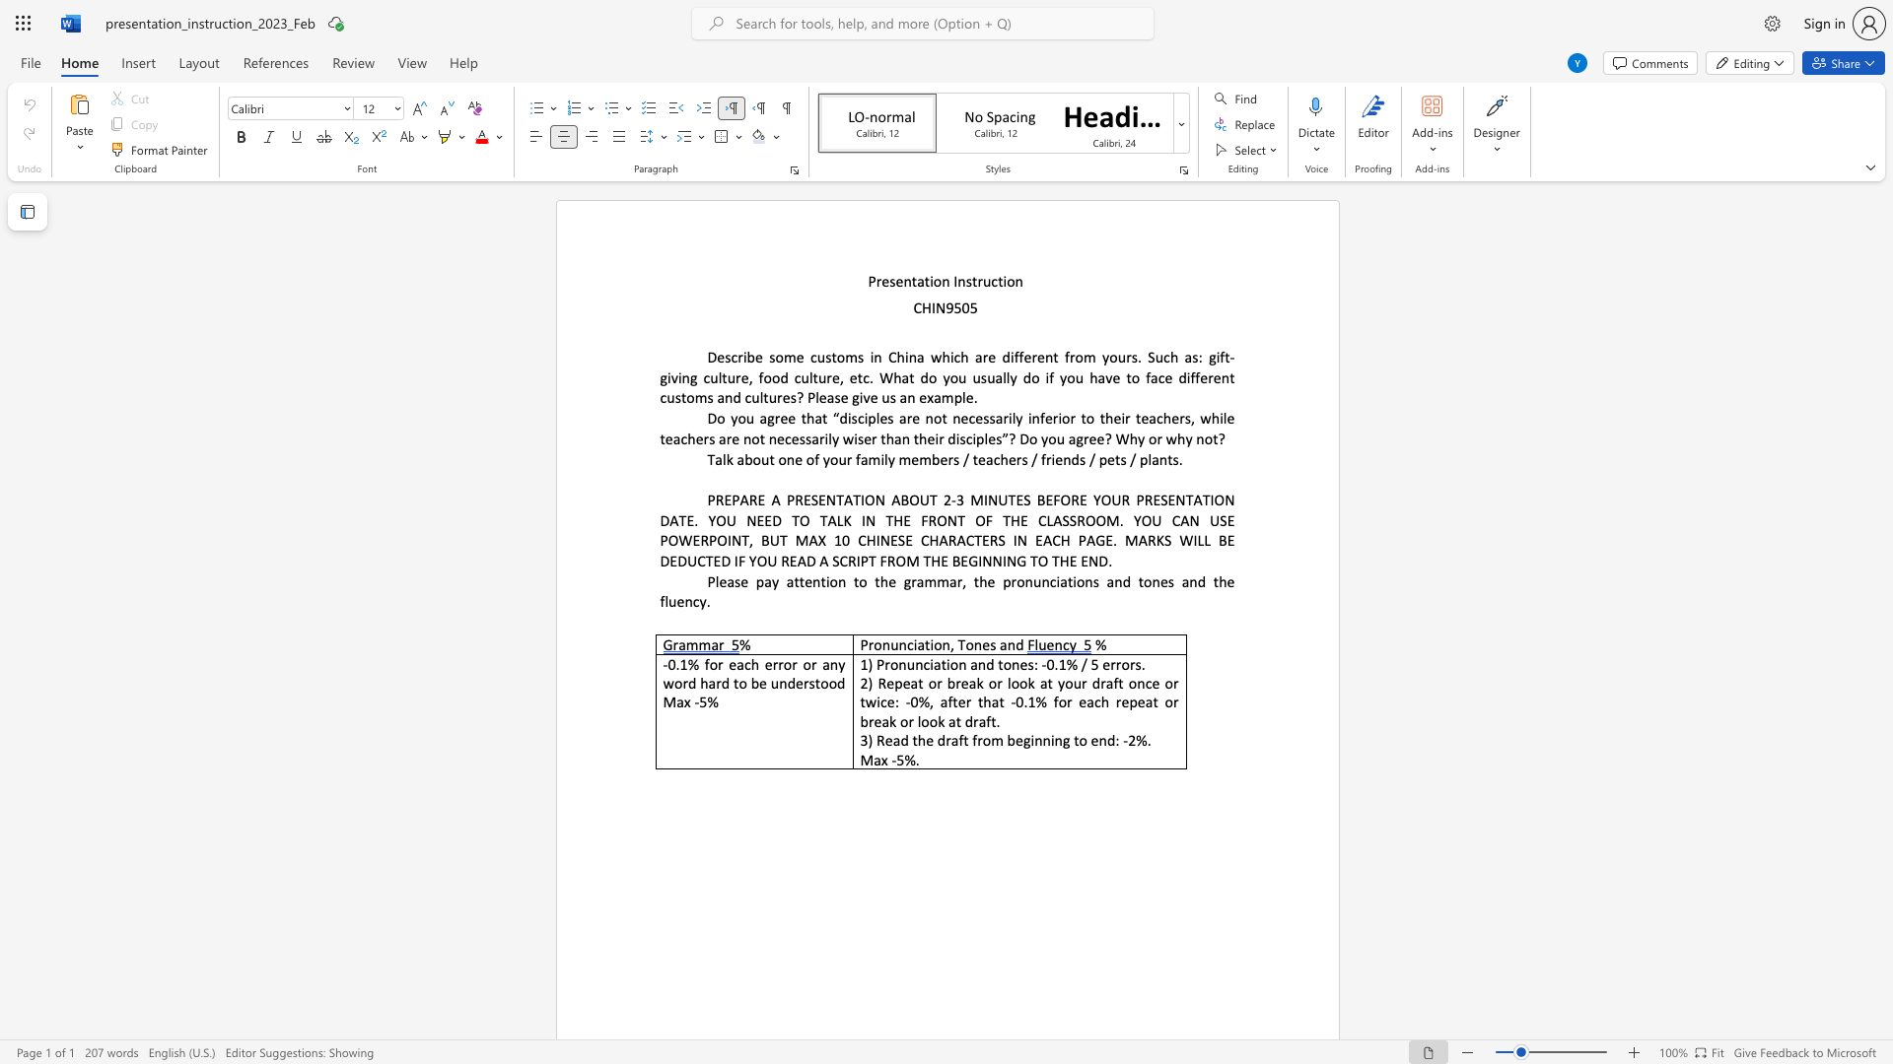  I want to click on the subset text "hers / friends" within the text "Talk about one of your family members / teachers / friends / pets / plants.", so click(1000, 459).